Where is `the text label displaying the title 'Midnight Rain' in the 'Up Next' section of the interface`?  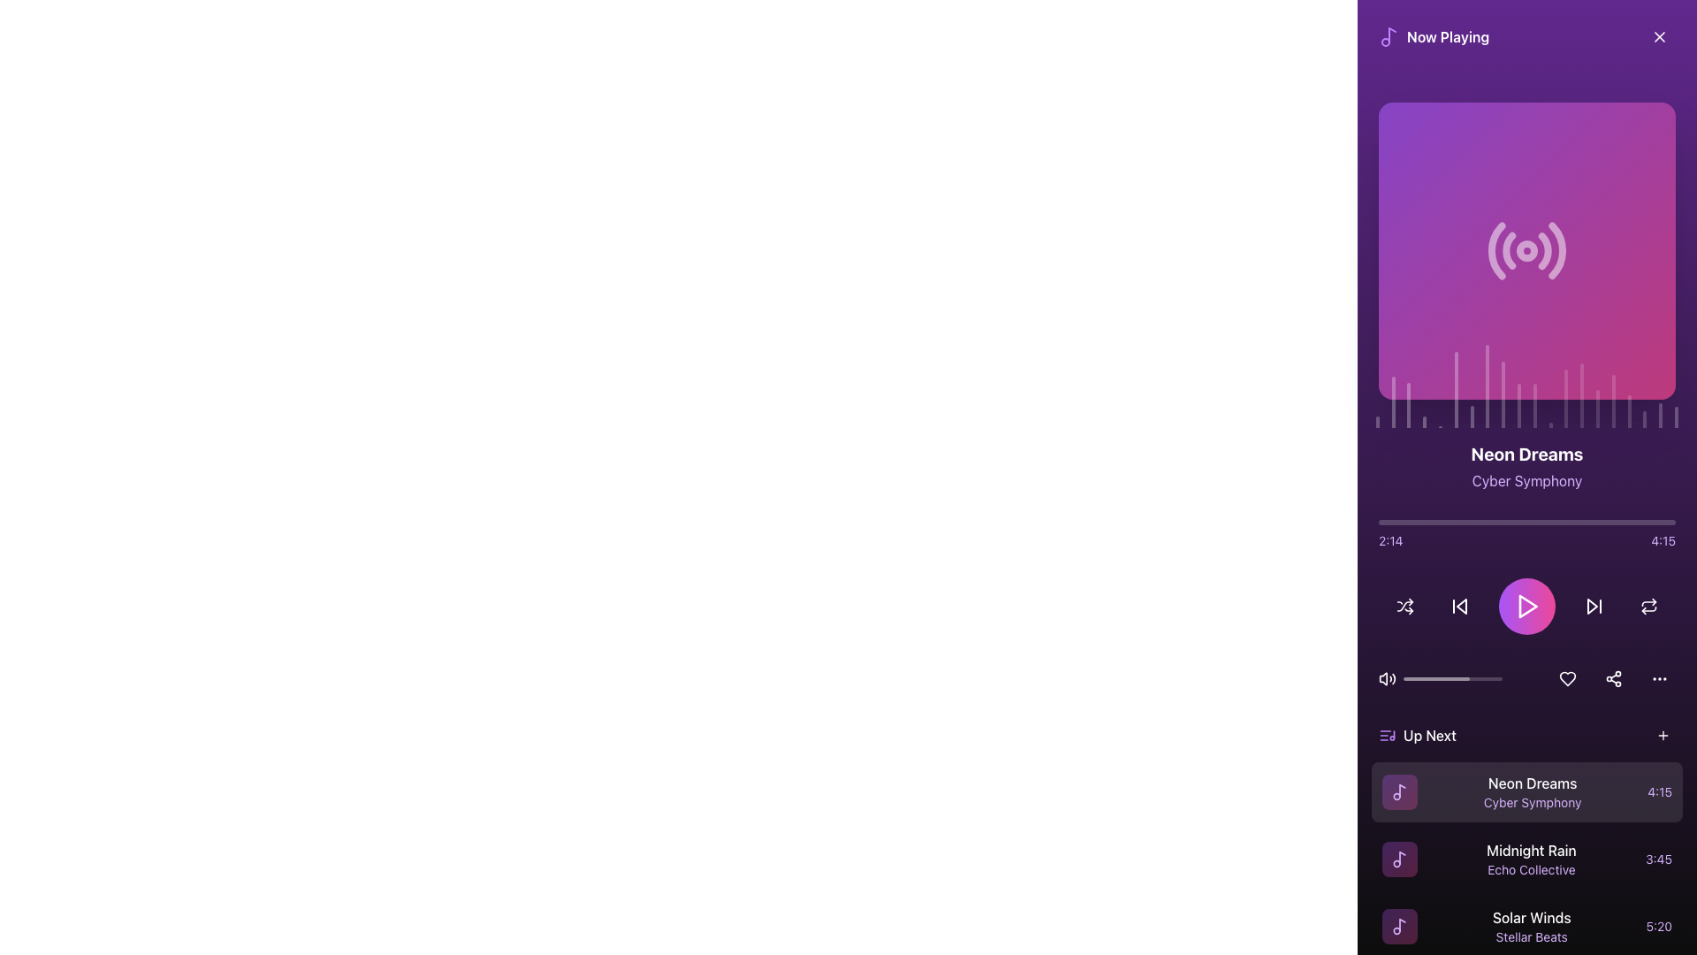
the text label displaying the title 'Midnight Rain' in the 'Up Next' section of the interface is located at coordinates (1530, 849).